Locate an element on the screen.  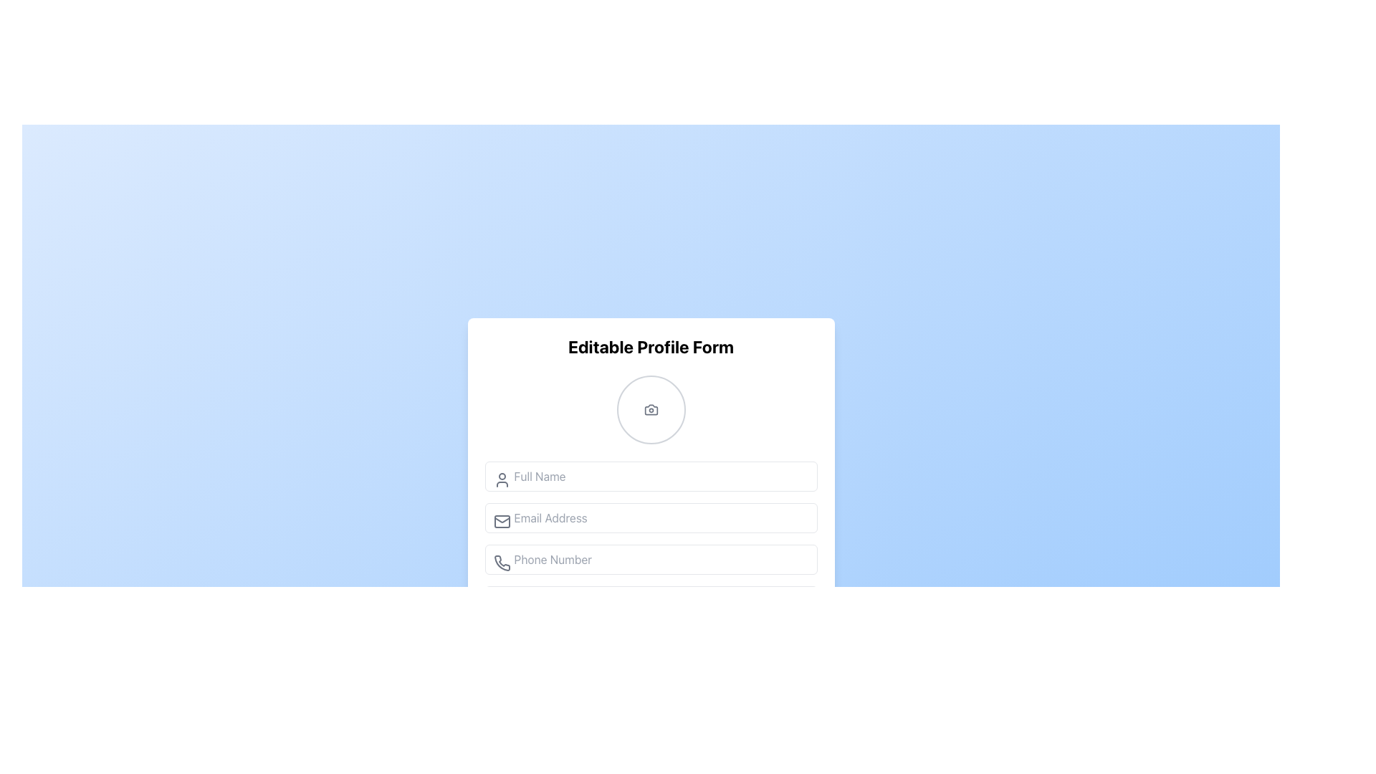
the camera icon with a gray outline located at the center of the light gray circular area in the 'Editable Profile Form' card is located at coordinates (650, 409).